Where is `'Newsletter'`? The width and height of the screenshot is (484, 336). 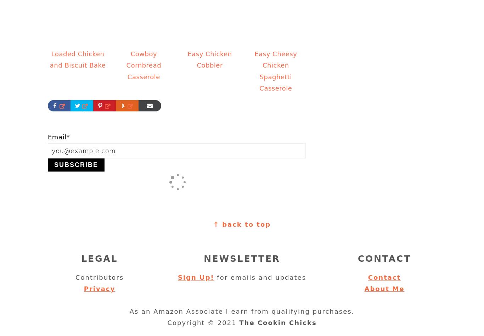 'Newsletter' is located at coordinates (241, 258).